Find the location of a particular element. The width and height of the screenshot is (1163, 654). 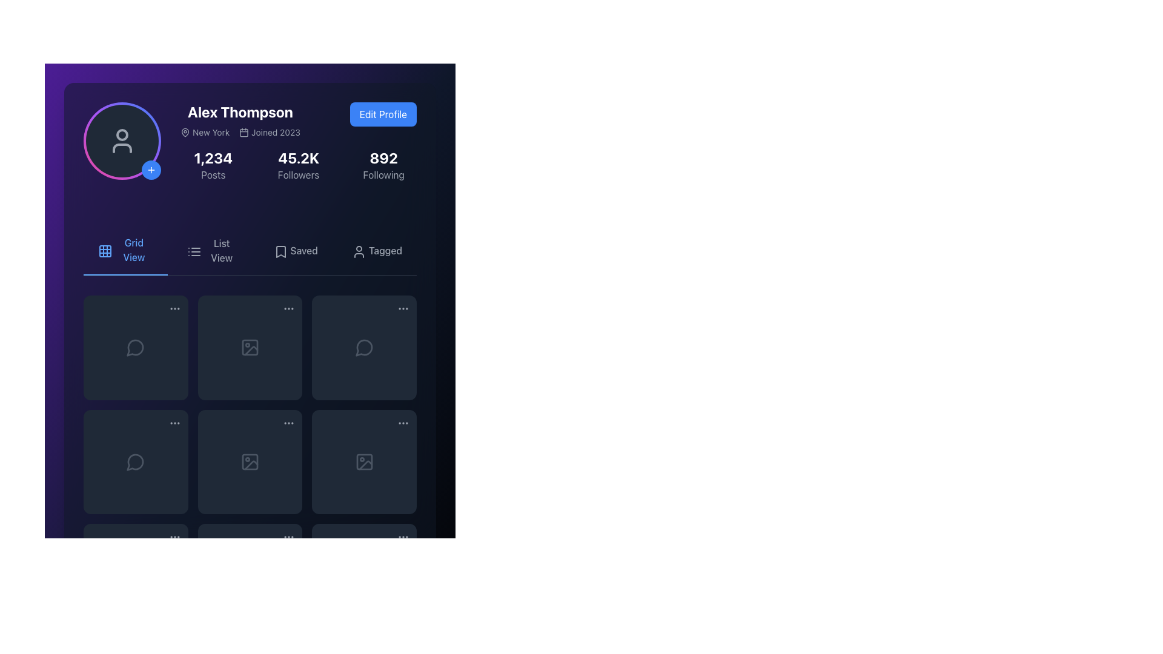

the square-shaped icon button with a dark gray background and a light gray speech bubble icon, located in the second row, first column of a 3x3 grid layout is located at coordinates (136, 462).